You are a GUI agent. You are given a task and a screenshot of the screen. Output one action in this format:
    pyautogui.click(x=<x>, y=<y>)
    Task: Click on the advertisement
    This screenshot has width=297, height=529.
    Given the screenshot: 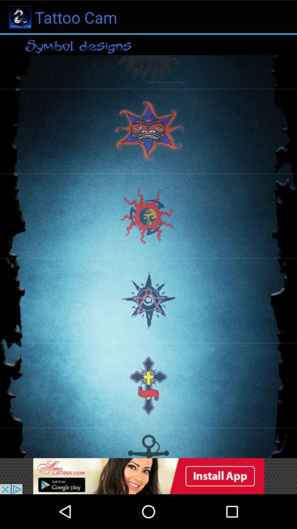 What is the action you would take?
    pyautogui.click(x=148, y=476)
    